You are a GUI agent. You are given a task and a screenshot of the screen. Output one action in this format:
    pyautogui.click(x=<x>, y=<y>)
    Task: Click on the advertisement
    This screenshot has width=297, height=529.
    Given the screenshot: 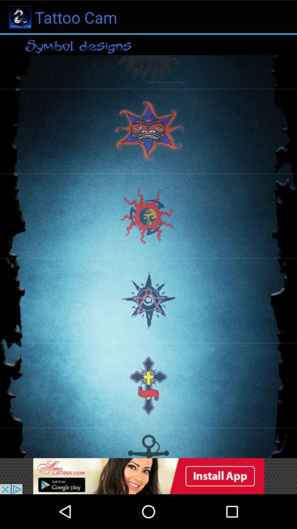 What is the action you would take?
    pyautogui.click(x=148, y=476)
    